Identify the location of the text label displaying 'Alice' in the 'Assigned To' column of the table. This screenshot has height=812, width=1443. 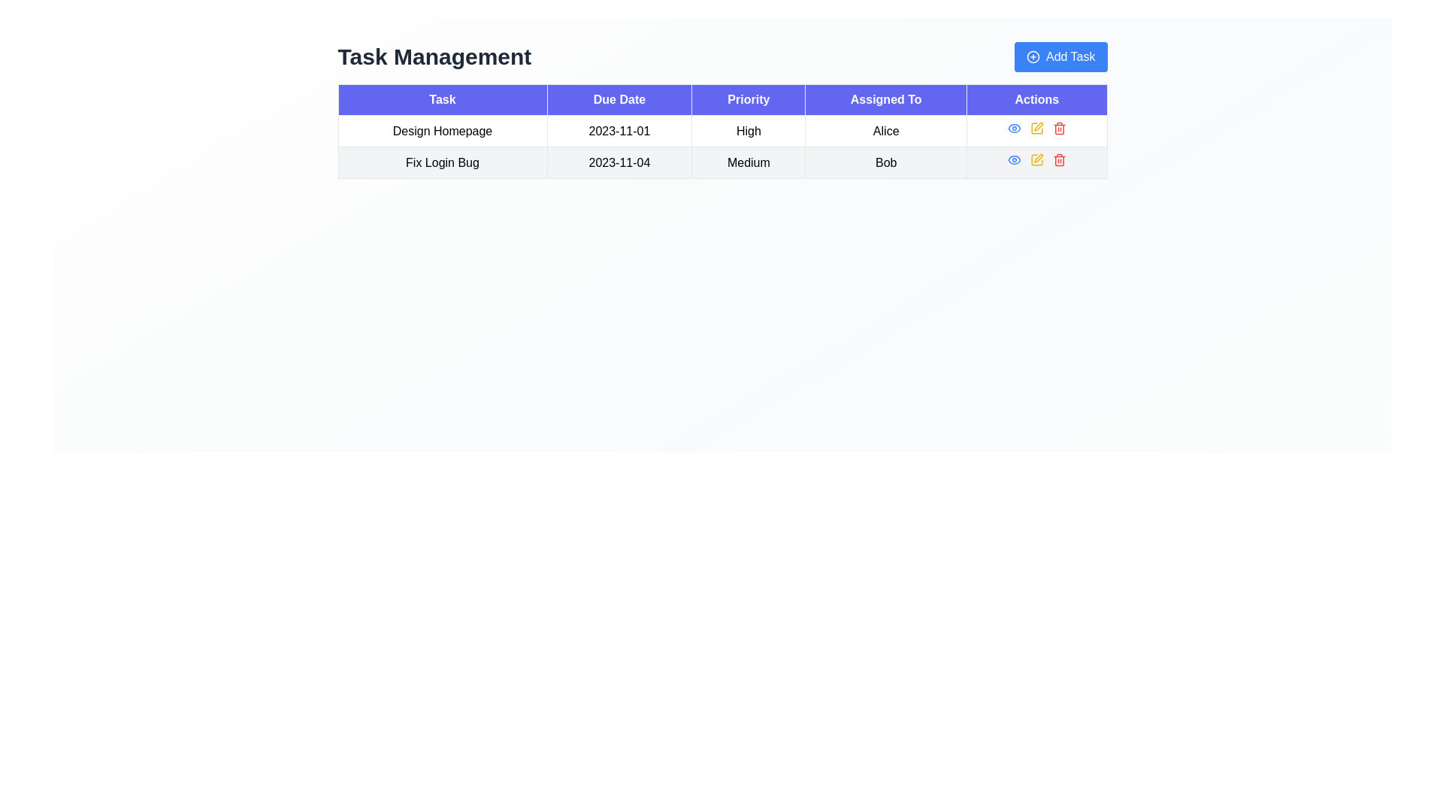
(886, 130).